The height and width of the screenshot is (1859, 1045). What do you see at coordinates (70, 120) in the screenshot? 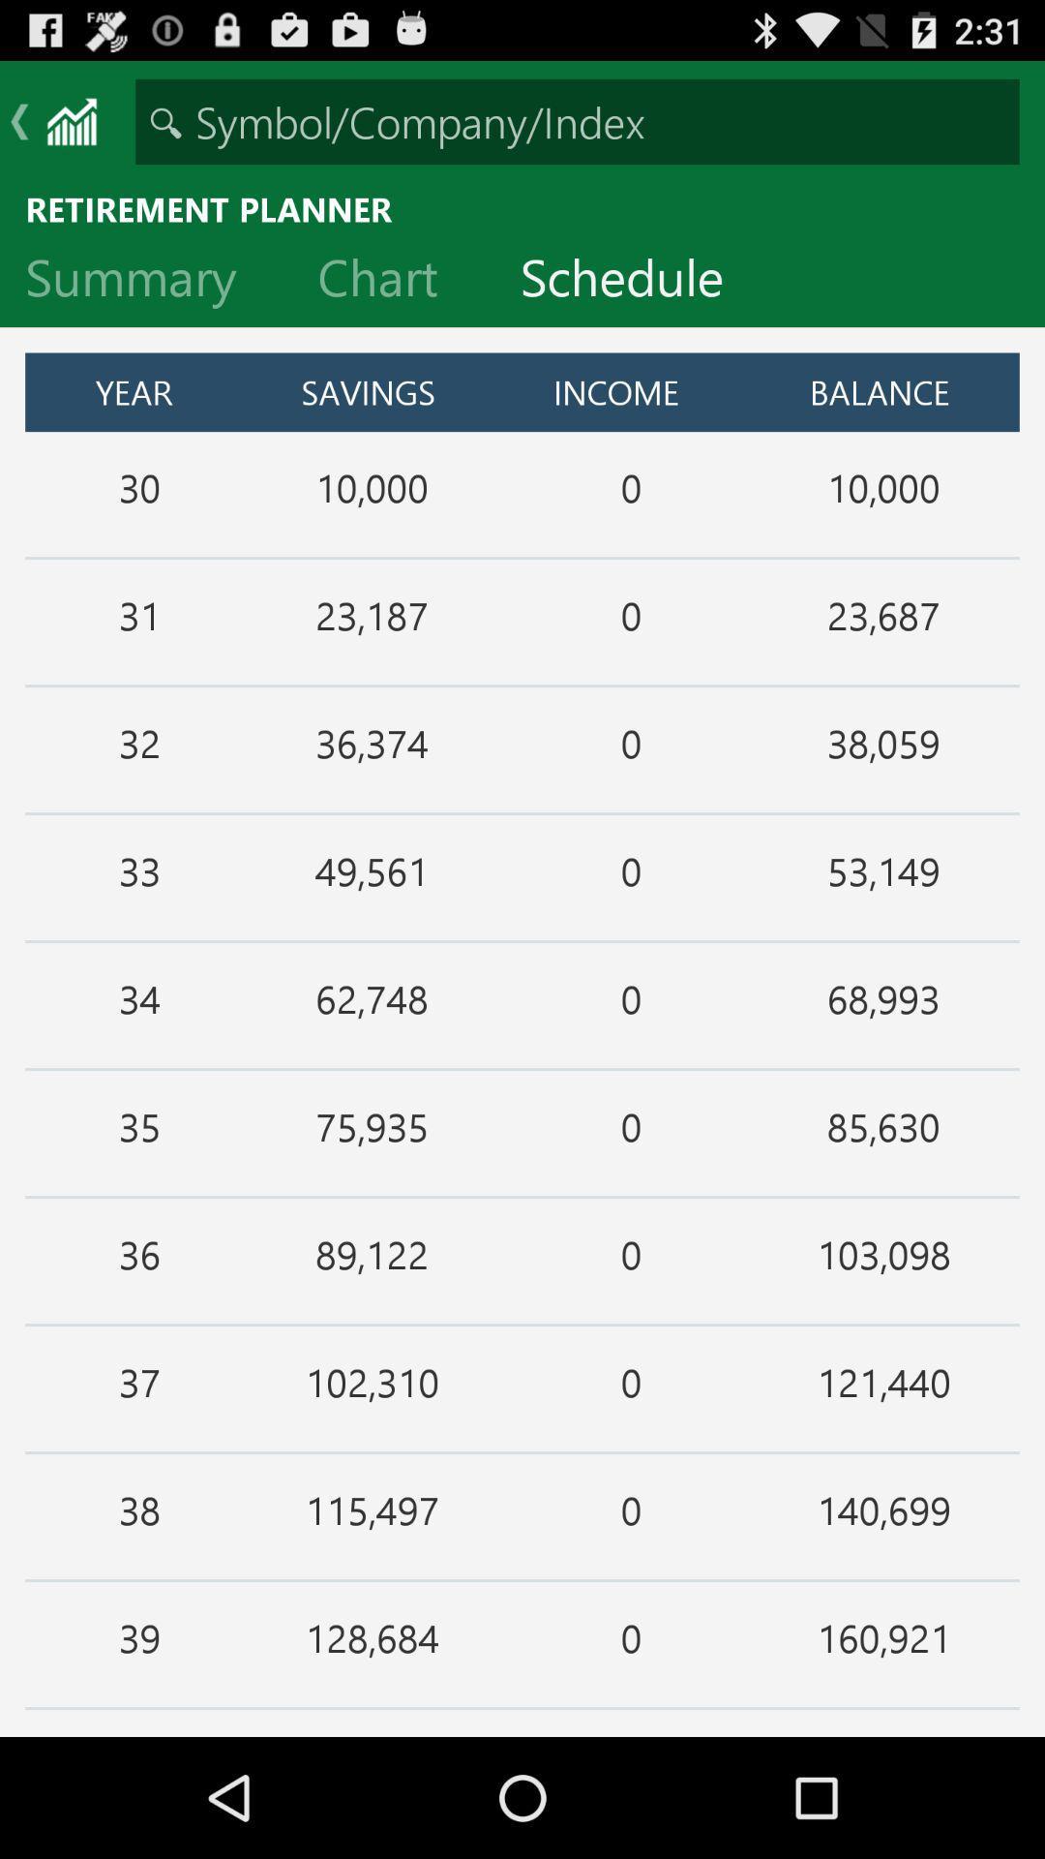
I see `the icon on left of search icon` at bounding box center [70, 120].